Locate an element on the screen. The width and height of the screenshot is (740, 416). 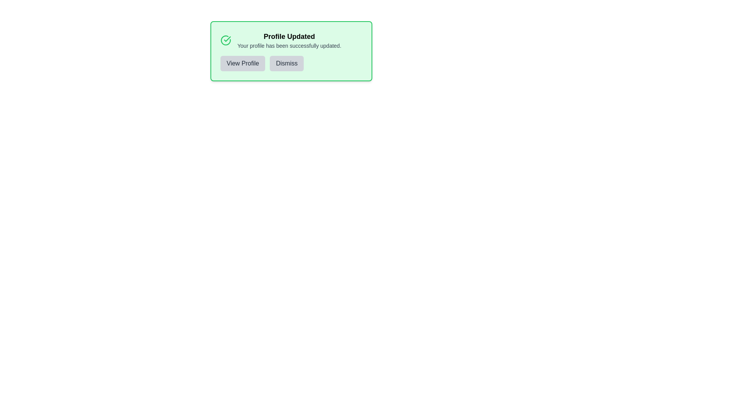
the 'Dismiss' button is located at coordinates (286, 63).